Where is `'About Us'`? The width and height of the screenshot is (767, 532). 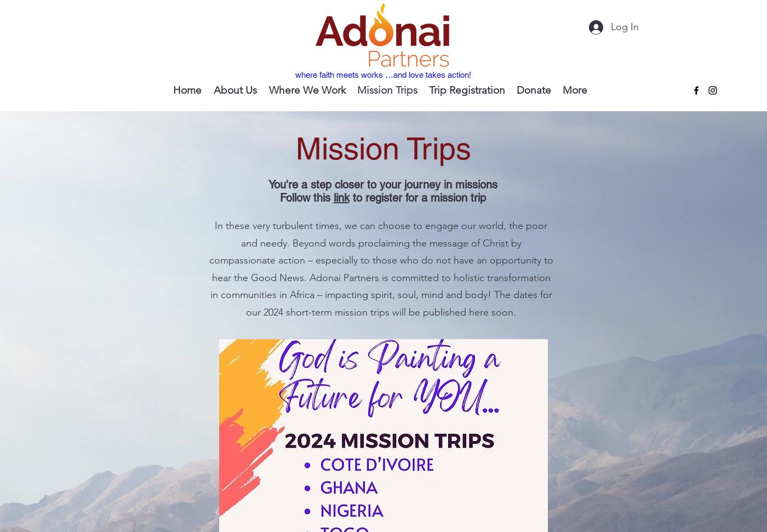 'About Us' is located at coordinates (234, 89).